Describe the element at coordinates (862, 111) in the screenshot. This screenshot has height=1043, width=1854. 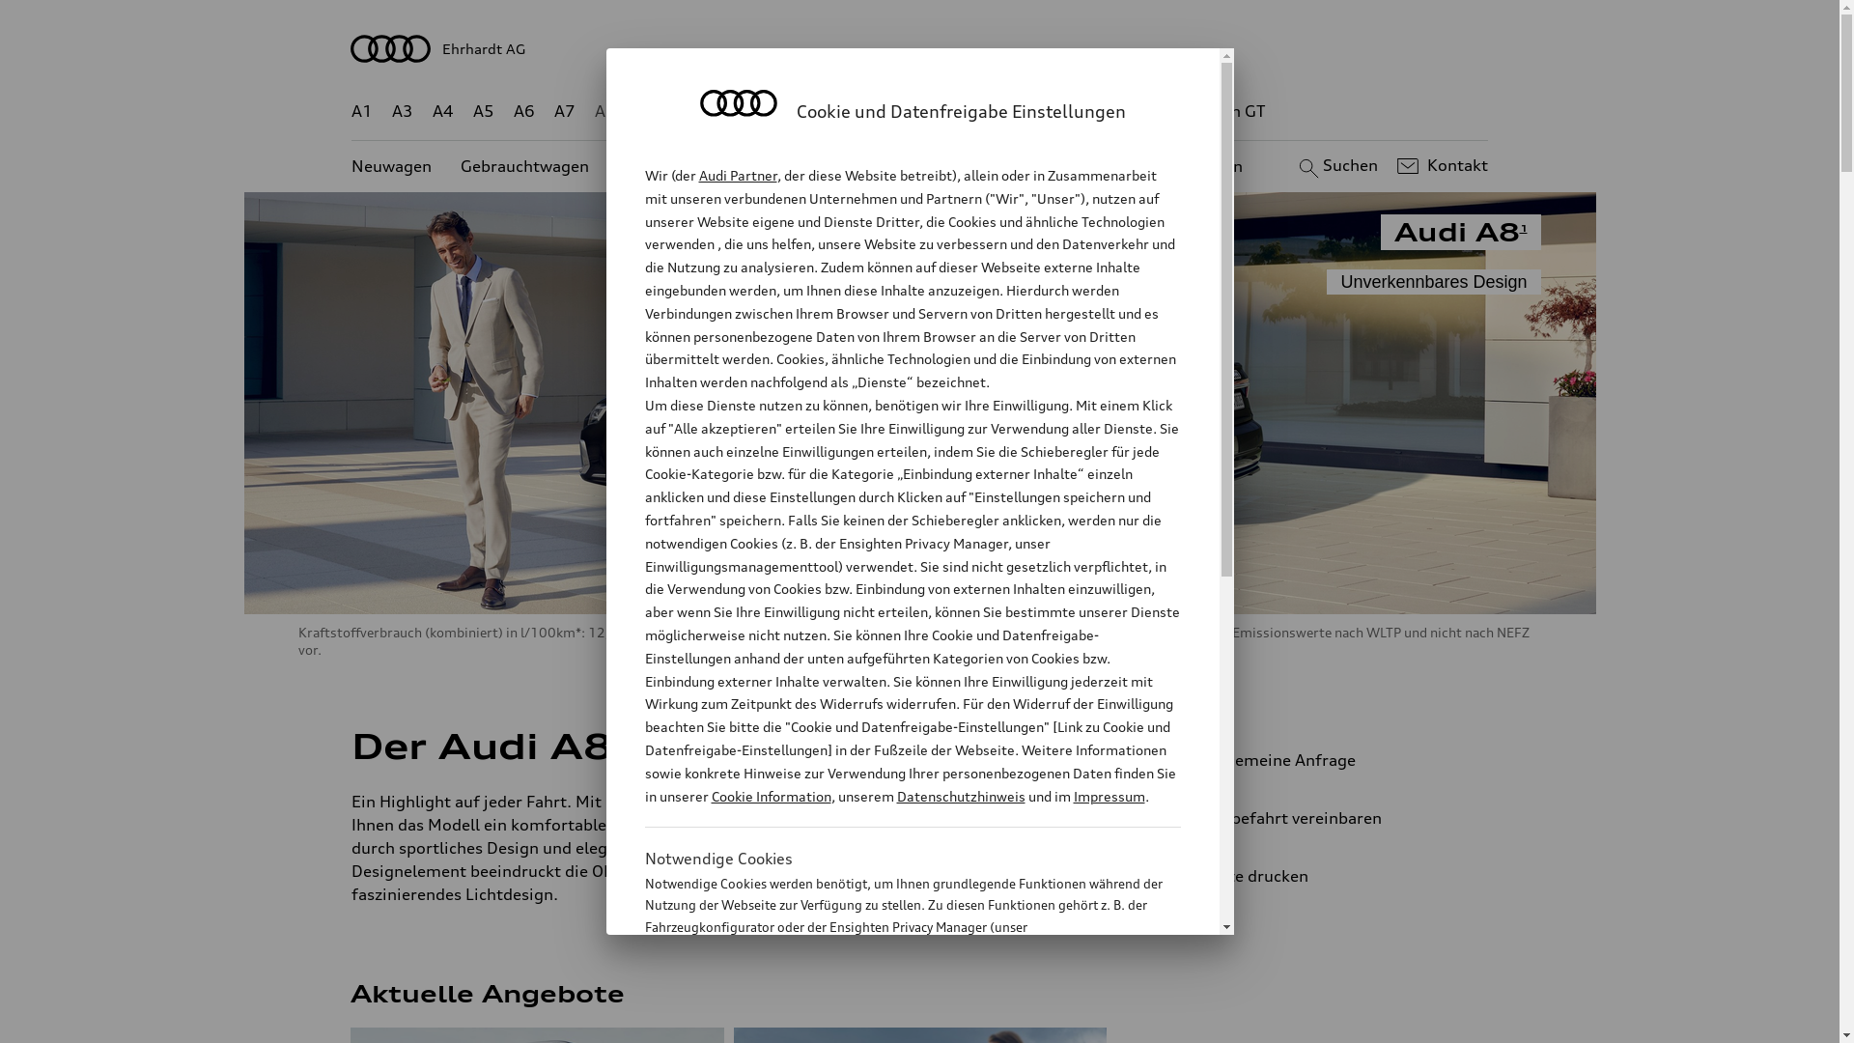
I see `'Q7'` at that location.